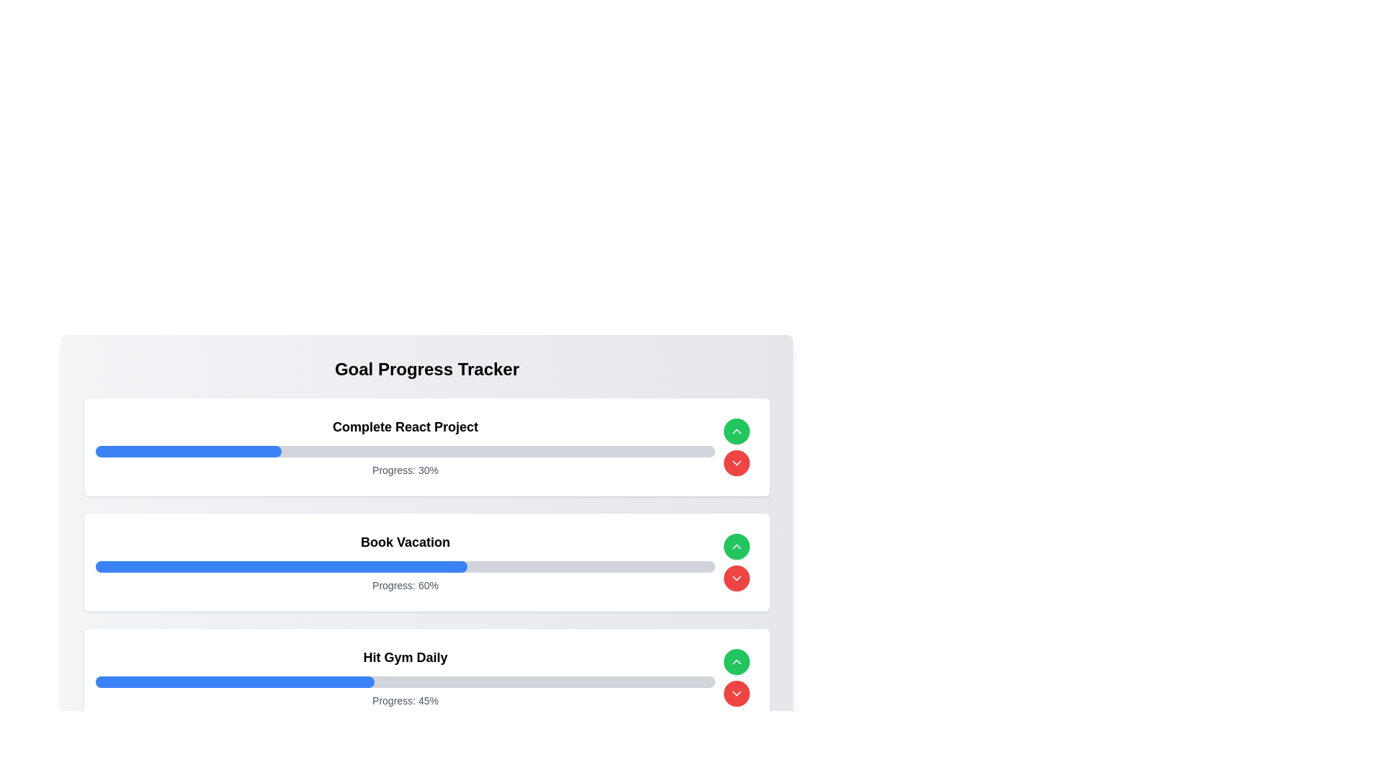 This screenshot has width=1383, height=778. Describe the element at coordinates (188, 451) in the screenshot. I see `the blue progress indicator located within the first progress bar widget, which is positioned below the 'Complete React Project' title and above the 'Progress: 30%' label` at that location.